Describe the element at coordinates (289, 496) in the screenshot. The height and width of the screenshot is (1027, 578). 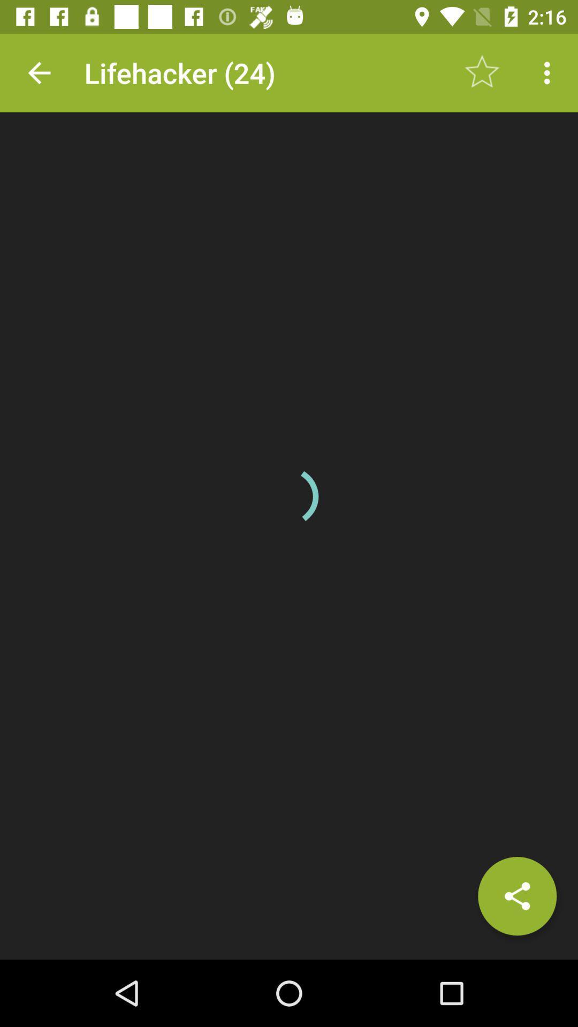
I see `the item at the center` at that location.